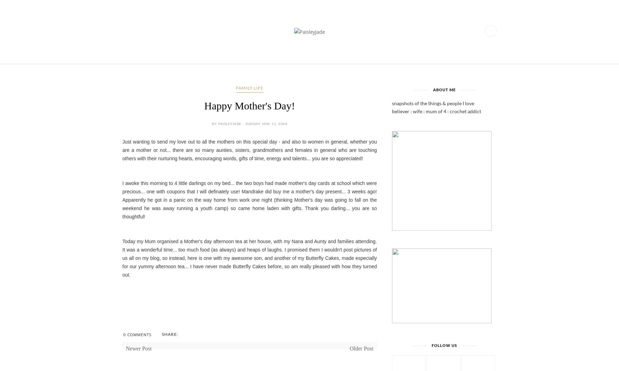 The height and width of the screenshot is (371, 619). I want to click on 'family life', so click(249, 87).